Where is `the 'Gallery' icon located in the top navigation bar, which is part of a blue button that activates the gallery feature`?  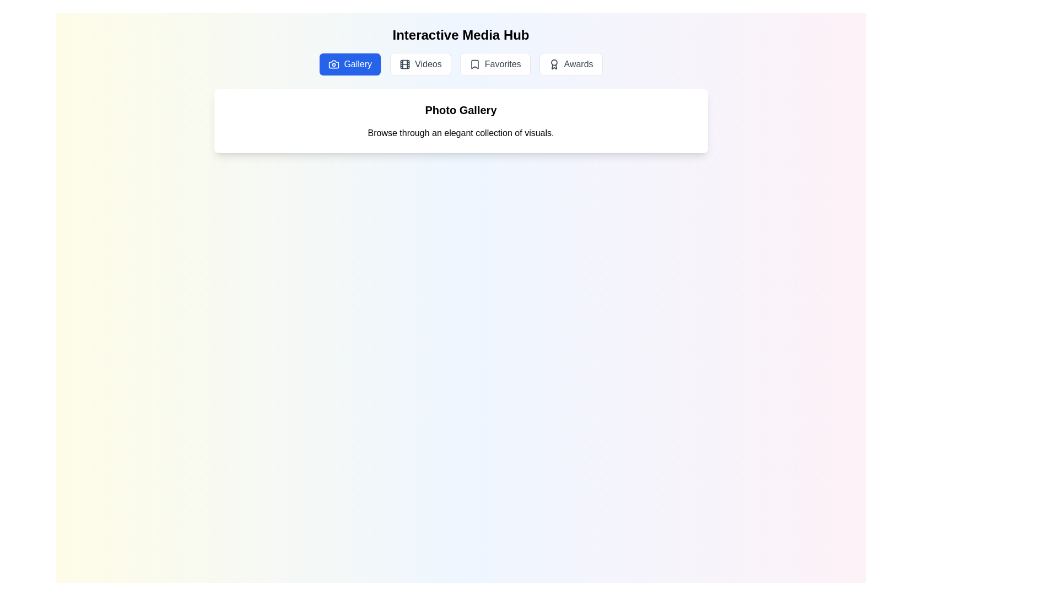
the 'Gallery' icon located in the top navigation bar, which is part of a blue button that activates the gallery feature is located at coordinates (333, 64).